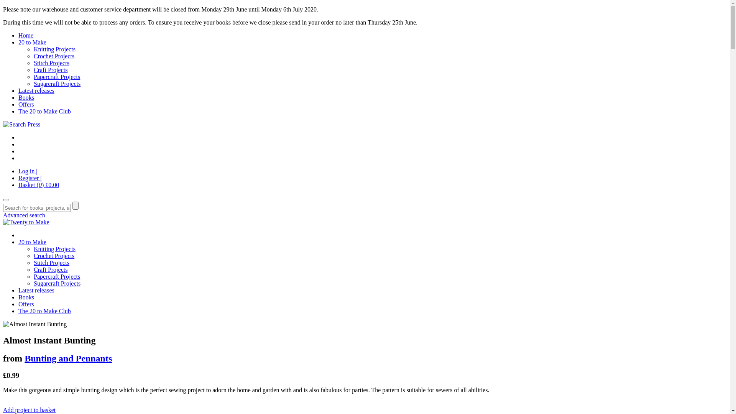 The width and height of the screenshot is (736, 414). I want to click on 'Offers', so click(26, 104).